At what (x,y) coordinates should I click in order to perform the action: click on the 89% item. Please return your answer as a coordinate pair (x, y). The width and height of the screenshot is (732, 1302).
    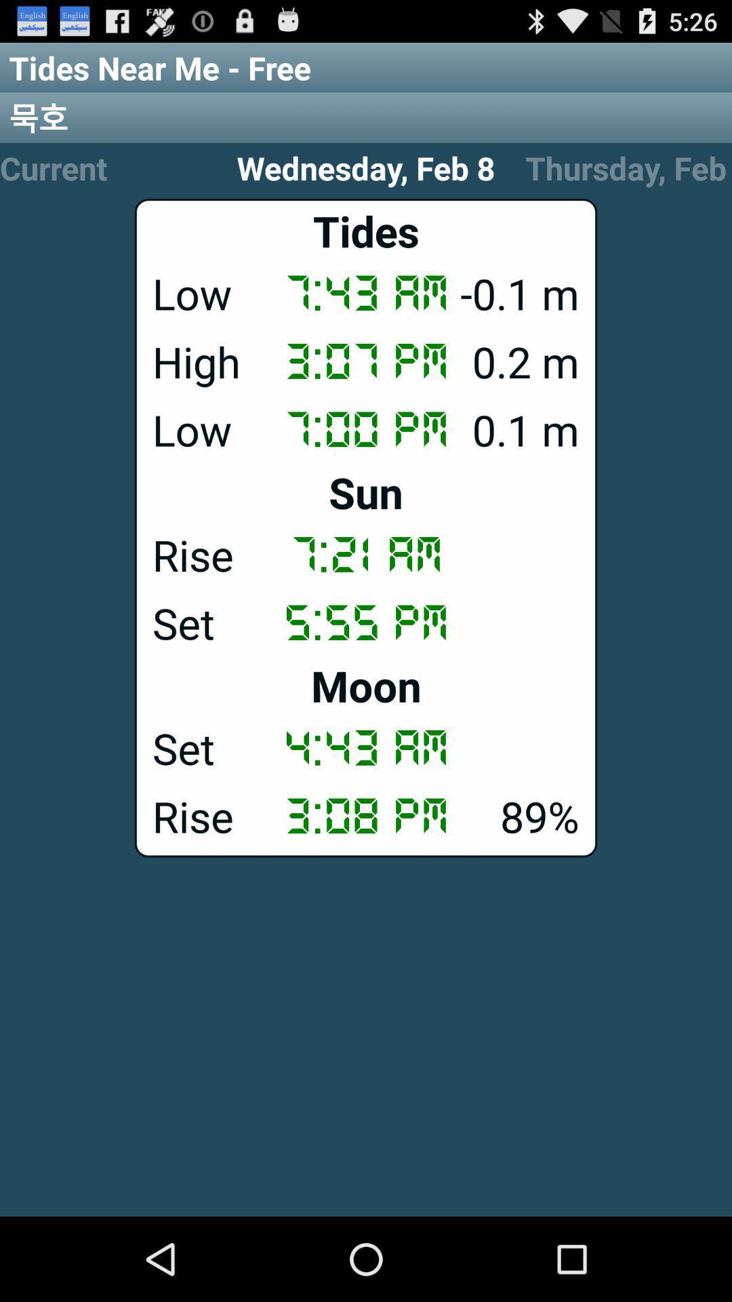
    Looking at the image, I should click on (366, 815).